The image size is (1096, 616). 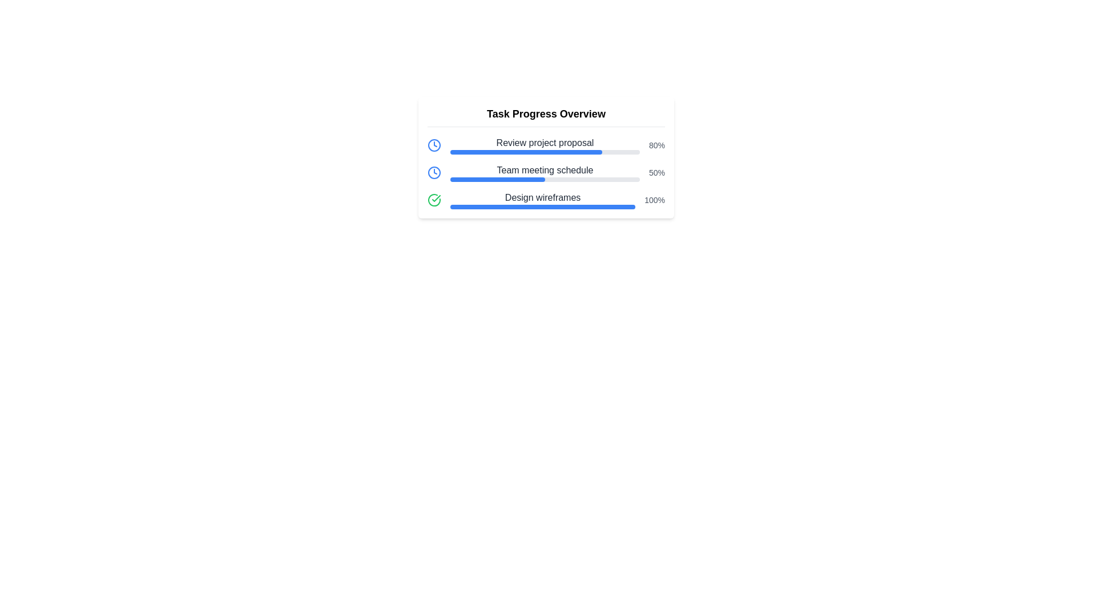 I want to click on the text label that displays the progress percentage of the 'Team meeting schedule' item, located at the rightmost end of the corresponding row, adjacent to the progress bar, so click(x=657, y=173).